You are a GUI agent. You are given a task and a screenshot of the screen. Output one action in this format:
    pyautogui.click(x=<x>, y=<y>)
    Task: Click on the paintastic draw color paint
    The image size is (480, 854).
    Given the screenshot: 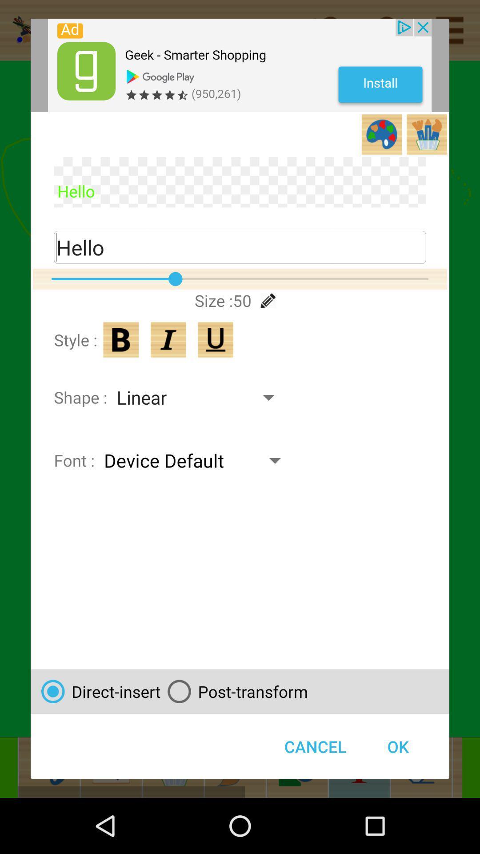 What is the action you would take?
    pyautogui.click(x=239, y=65)
    